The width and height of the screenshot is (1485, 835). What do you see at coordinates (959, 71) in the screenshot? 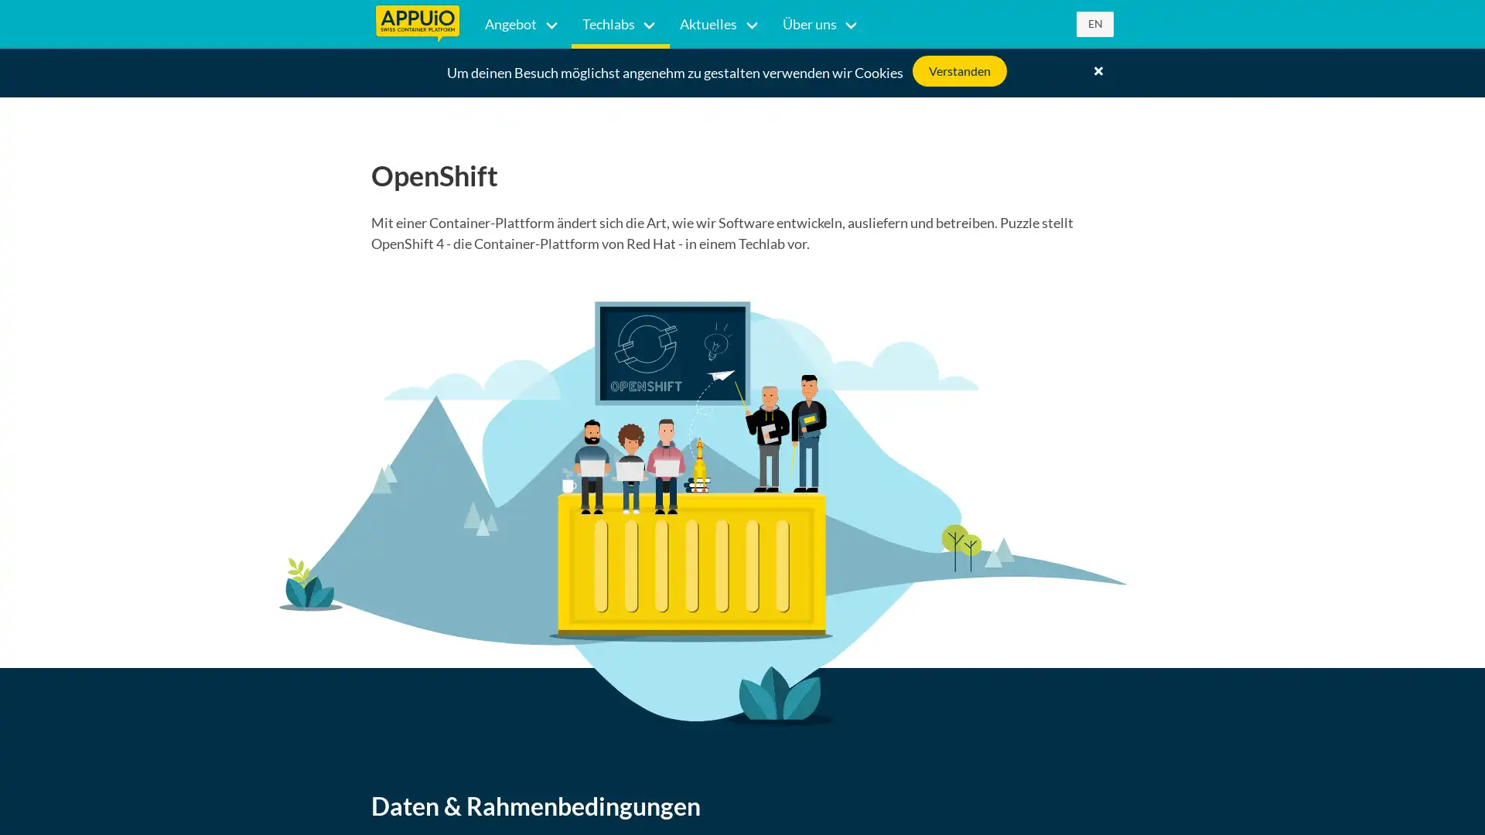
I see `Verstanden` at bounding box center [959, 71].